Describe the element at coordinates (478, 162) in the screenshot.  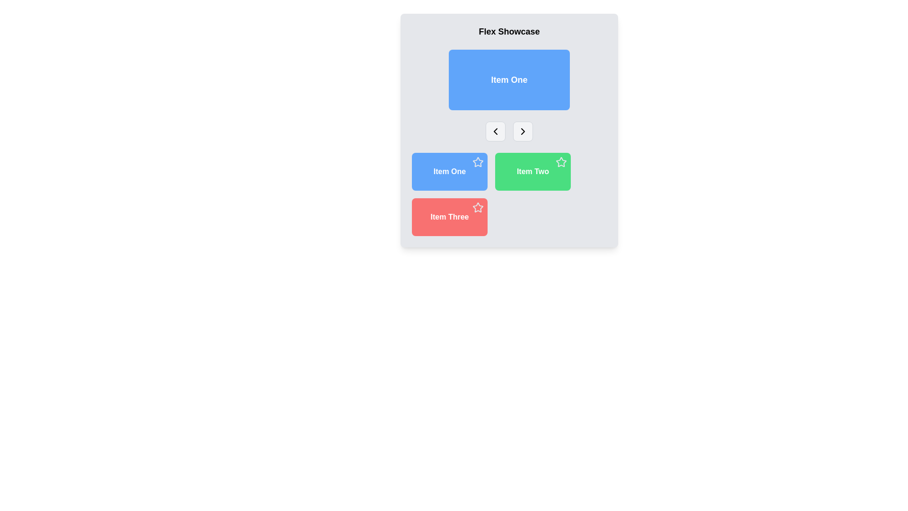
I see `the star-shaped button outlined in white, located at the top-right corner of the blue block labeled 'Item One'` at that location.